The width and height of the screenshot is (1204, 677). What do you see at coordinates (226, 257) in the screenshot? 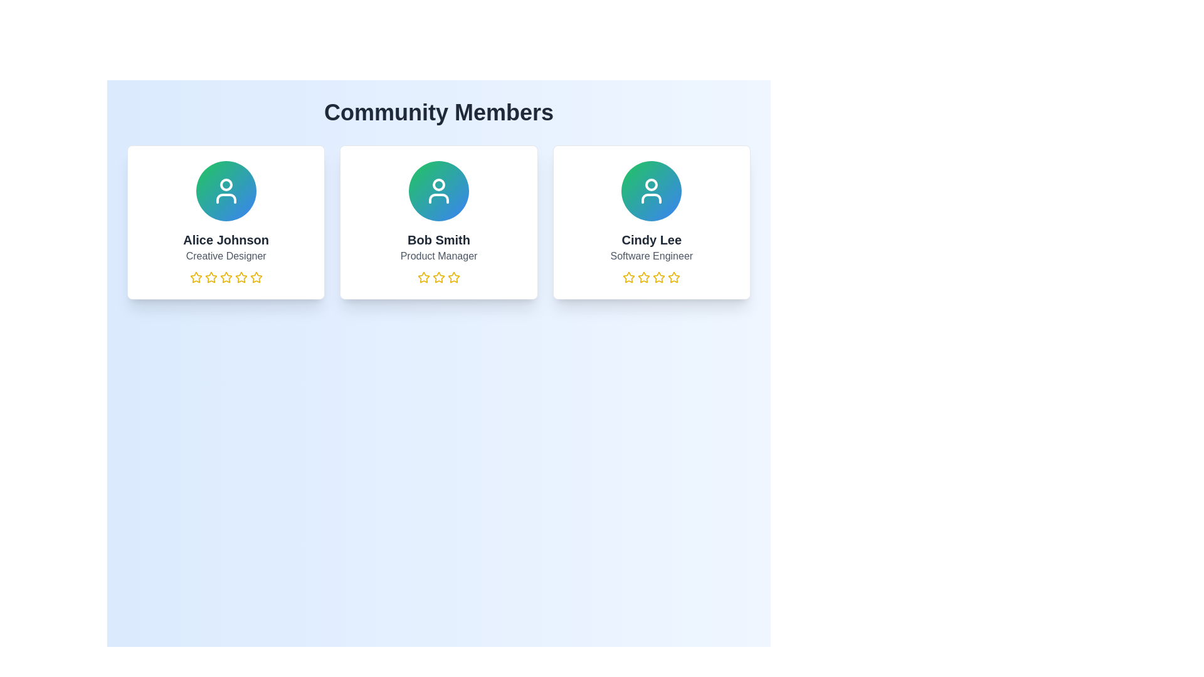
I see `the informational text area displaying 'Alice Johnson' and 'Creative Designer' along with the rating stars for potential future interactions` at bounding box center [226, 257].